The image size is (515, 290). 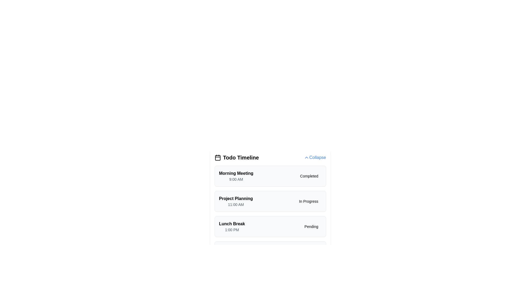 I want to click on the upward-facing chevron icon with a blue stroke located to the left of the 'Collapse' text in the top-right corner of the 'Todo Timeline' interface, so click(x=307, y=157).